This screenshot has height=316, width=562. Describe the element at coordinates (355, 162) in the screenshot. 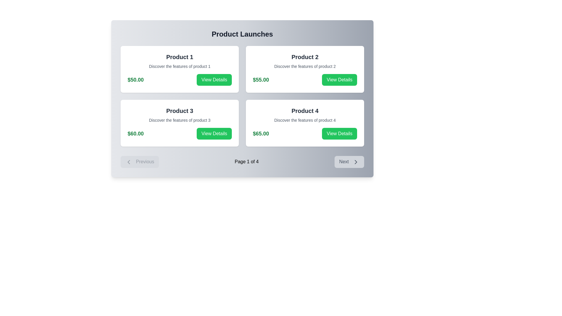

I see `the visual indicator icon located on the rightmost side of the 'Next' button to enhance its usability` at that location.